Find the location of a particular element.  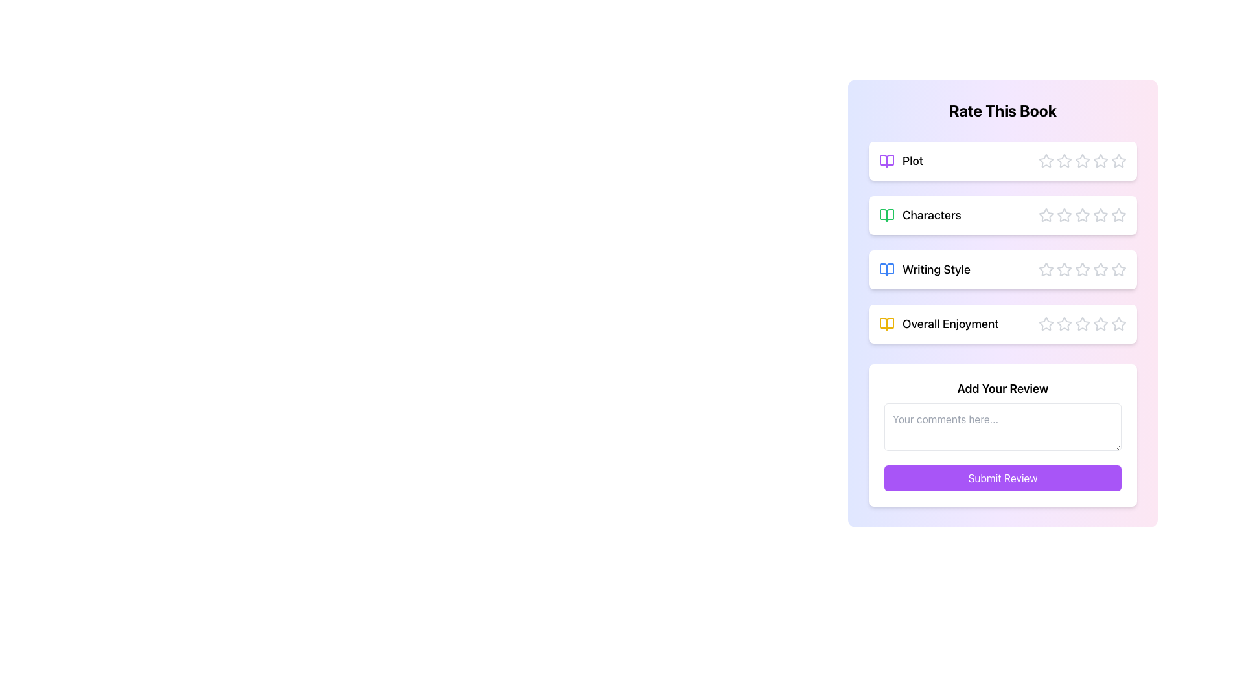

the second star rating button in the Plot section to register a rating is located at coordinates (1082, 159).